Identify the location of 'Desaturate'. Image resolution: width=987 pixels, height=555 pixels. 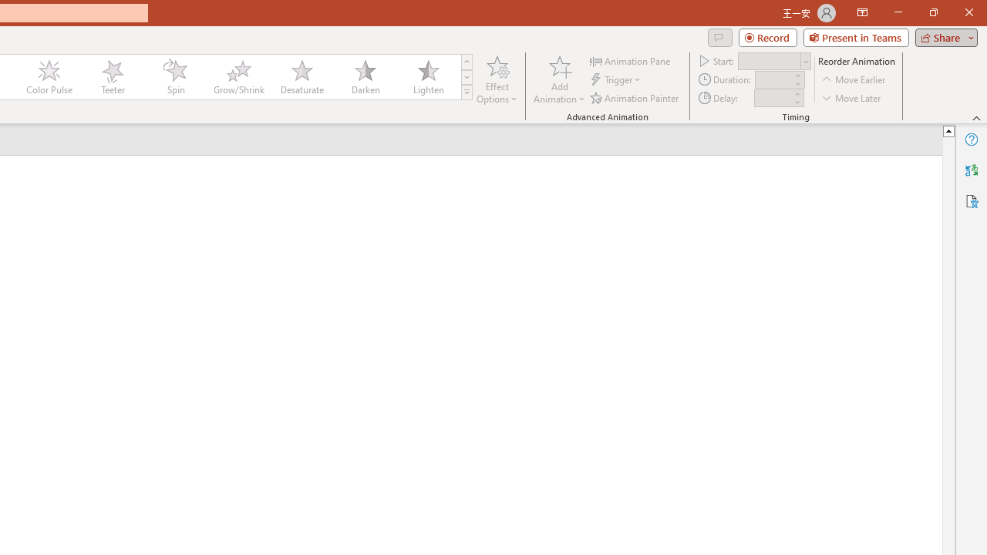
(301, 77).